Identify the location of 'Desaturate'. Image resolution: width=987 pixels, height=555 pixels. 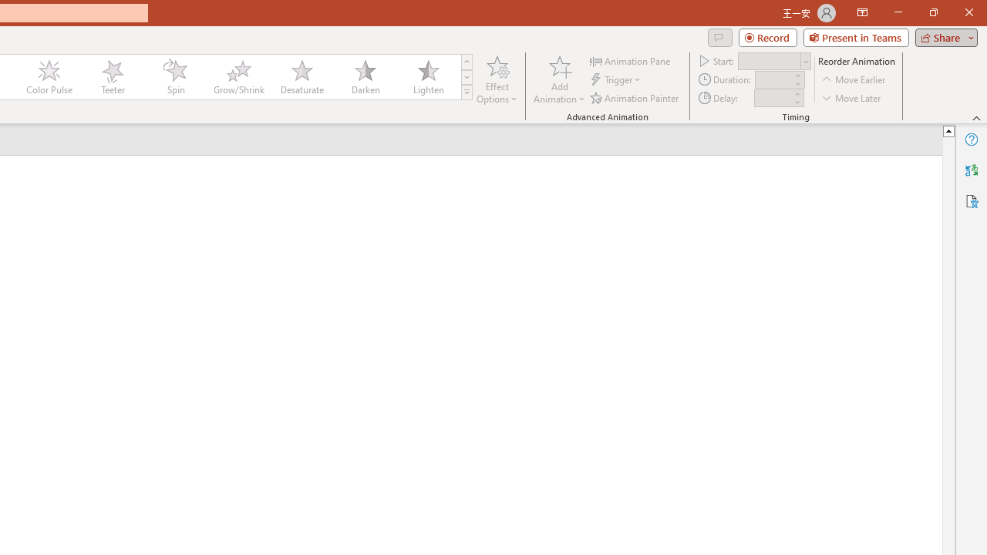
(301, 77).